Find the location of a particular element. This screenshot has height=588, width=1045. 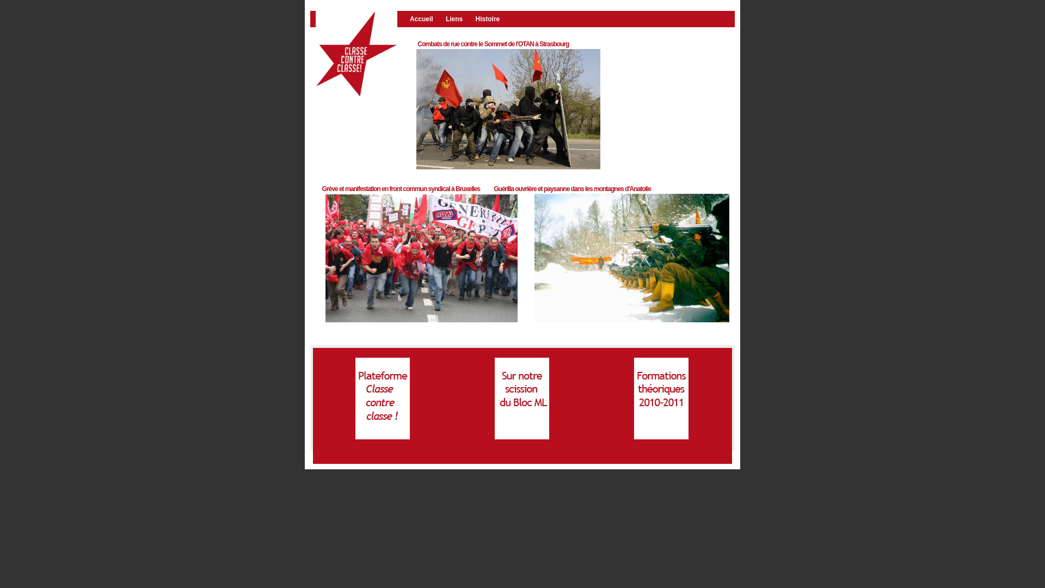

' Accueil' is located at coordinates (425, 19).